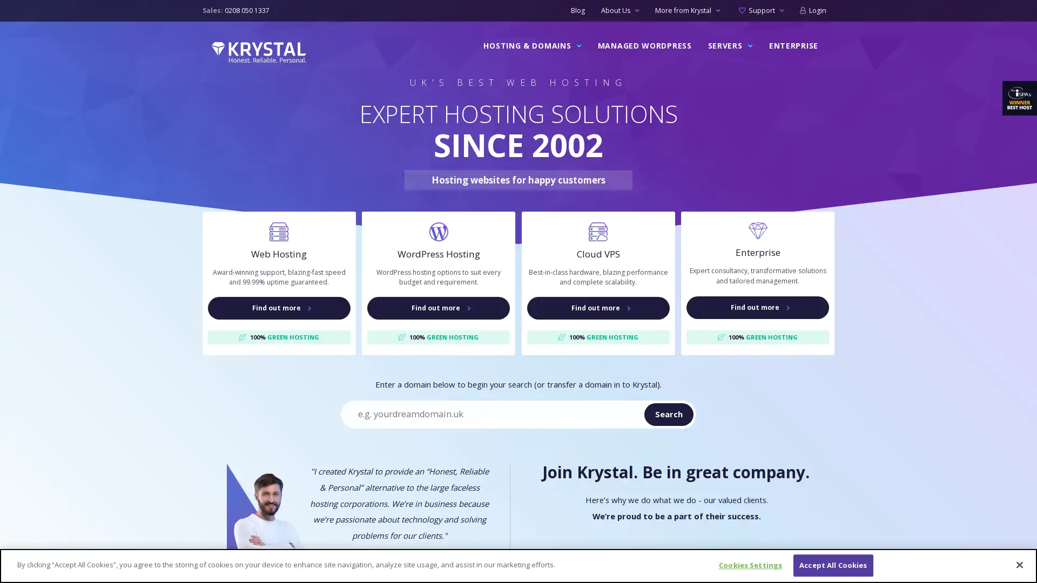 Image resolution: width=1037 pixels, height=583 pixels. I want to click on Close, so click(1019, 564).